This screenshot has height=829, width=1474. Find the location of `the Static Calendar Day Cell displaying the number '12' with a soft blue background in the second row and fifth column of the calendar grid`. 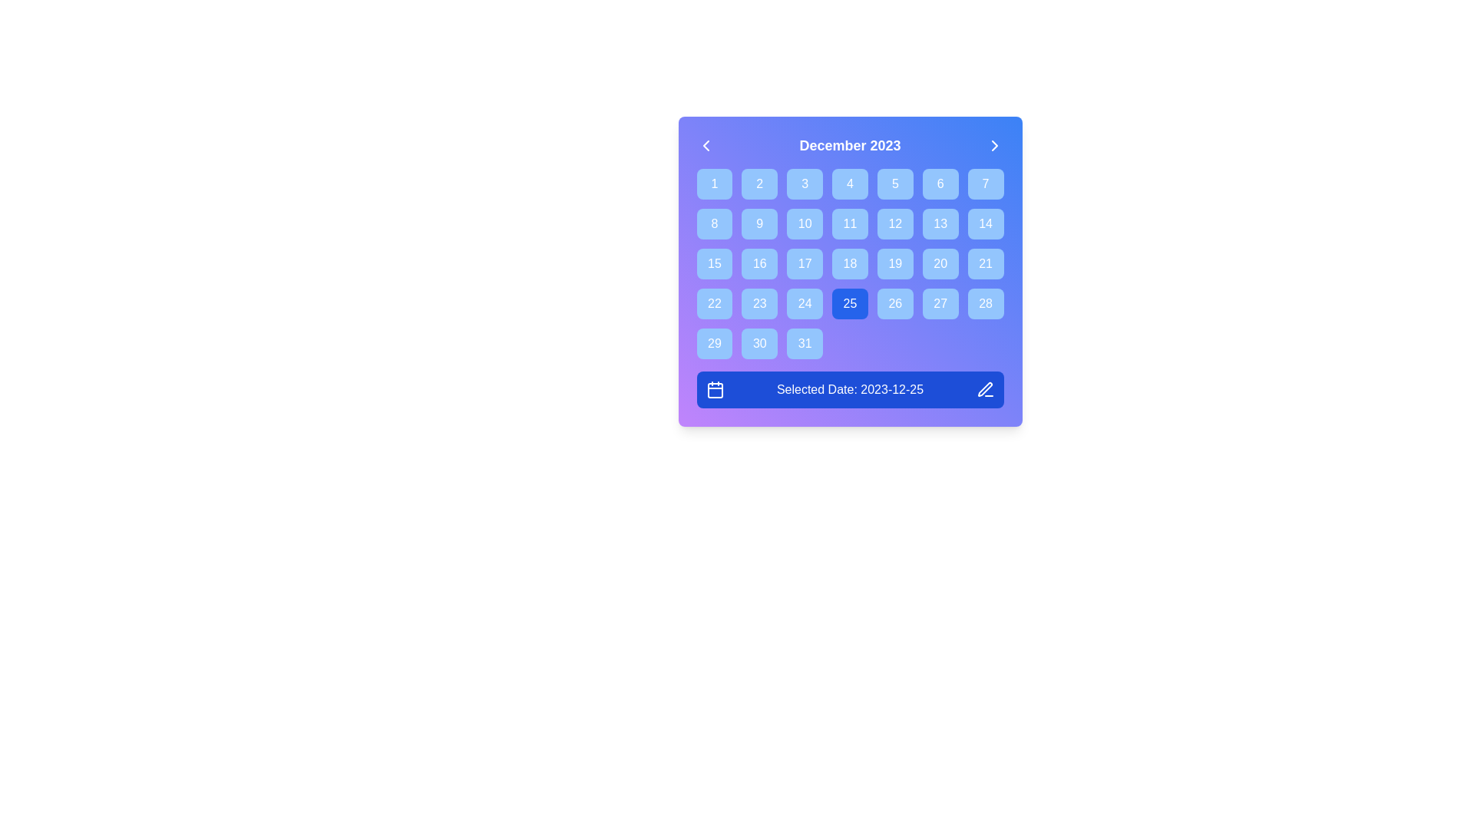

the Static Calendar Day Cell displaying the number '12' with a soft blue background in the second row and fifth column of the calendar grid is located at coordinates (895, 224).